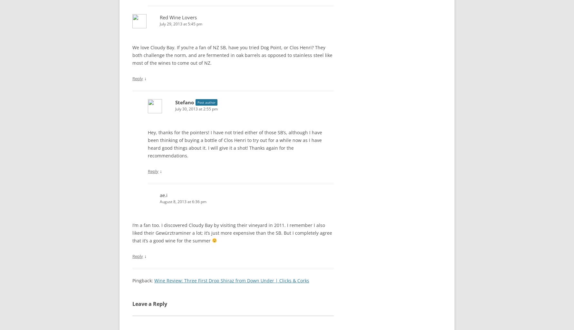 Image resolution: width=574 pixels, height=330 pixels. I want to click on 'Post author', so click(206, 102).